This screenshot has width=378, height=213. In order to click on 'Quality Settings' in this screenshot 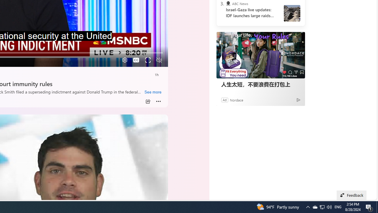, I will do `click(124, 60)`.